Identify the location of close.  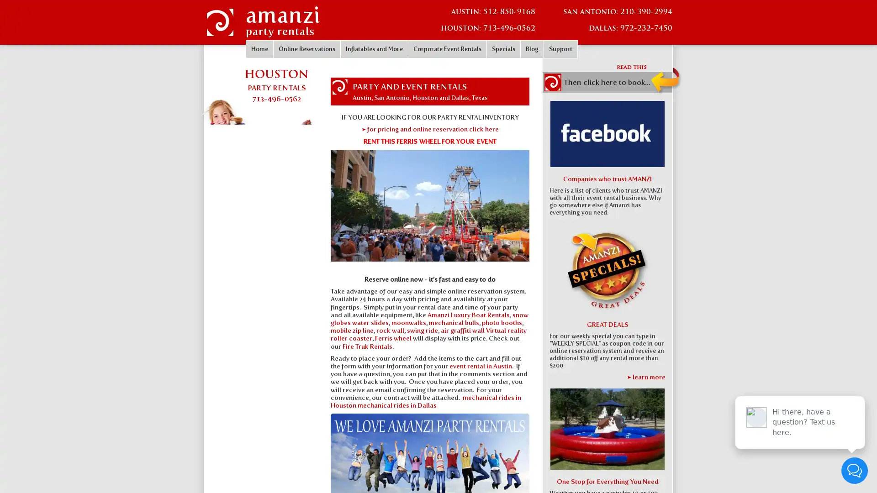
(850, 387).